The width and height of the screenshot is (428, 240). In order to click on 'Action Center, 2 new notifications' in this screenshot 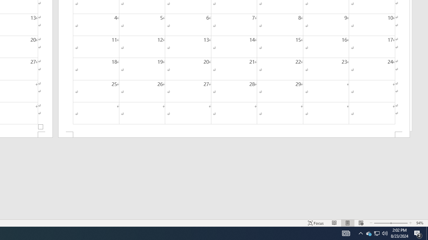, I will do `click(418, 233)`.